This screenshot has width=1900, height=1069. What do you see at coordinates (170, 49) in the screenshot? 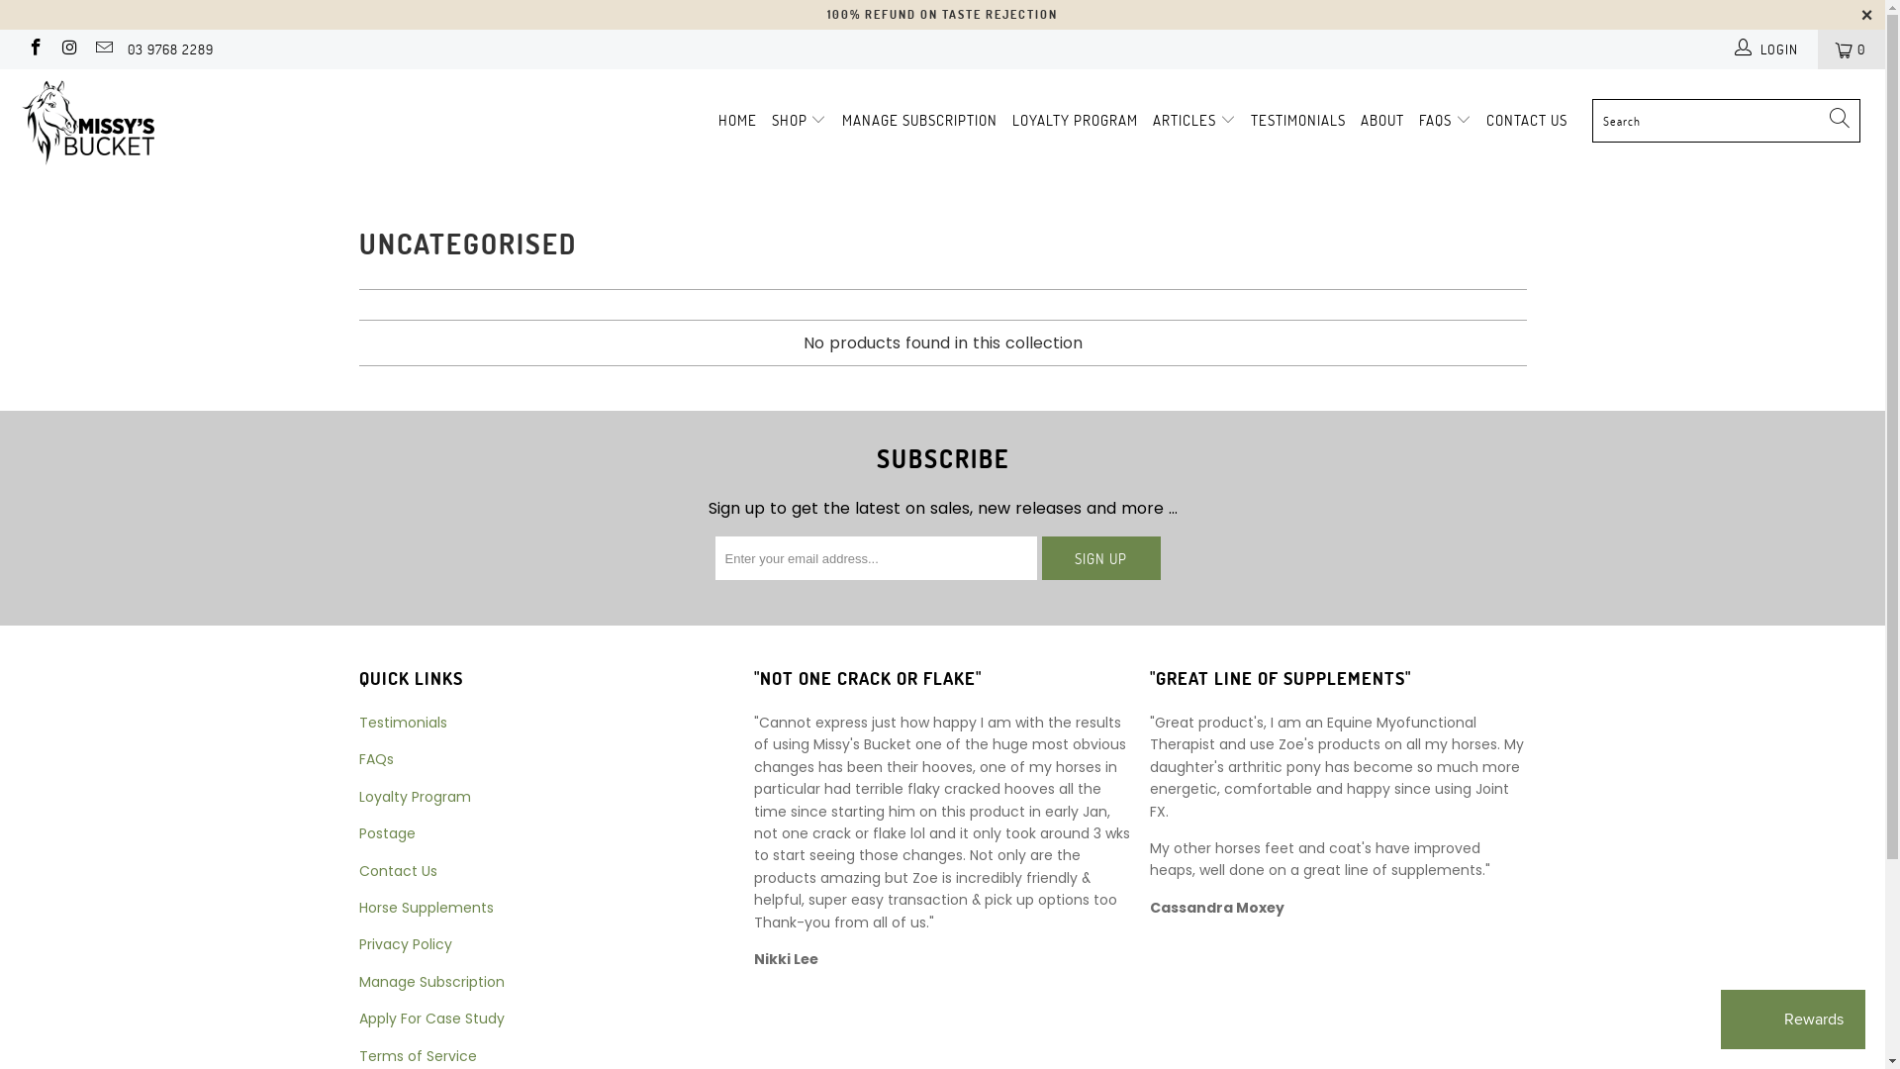
I see `'03 9768 2289'` at bounding box center [170, 49].